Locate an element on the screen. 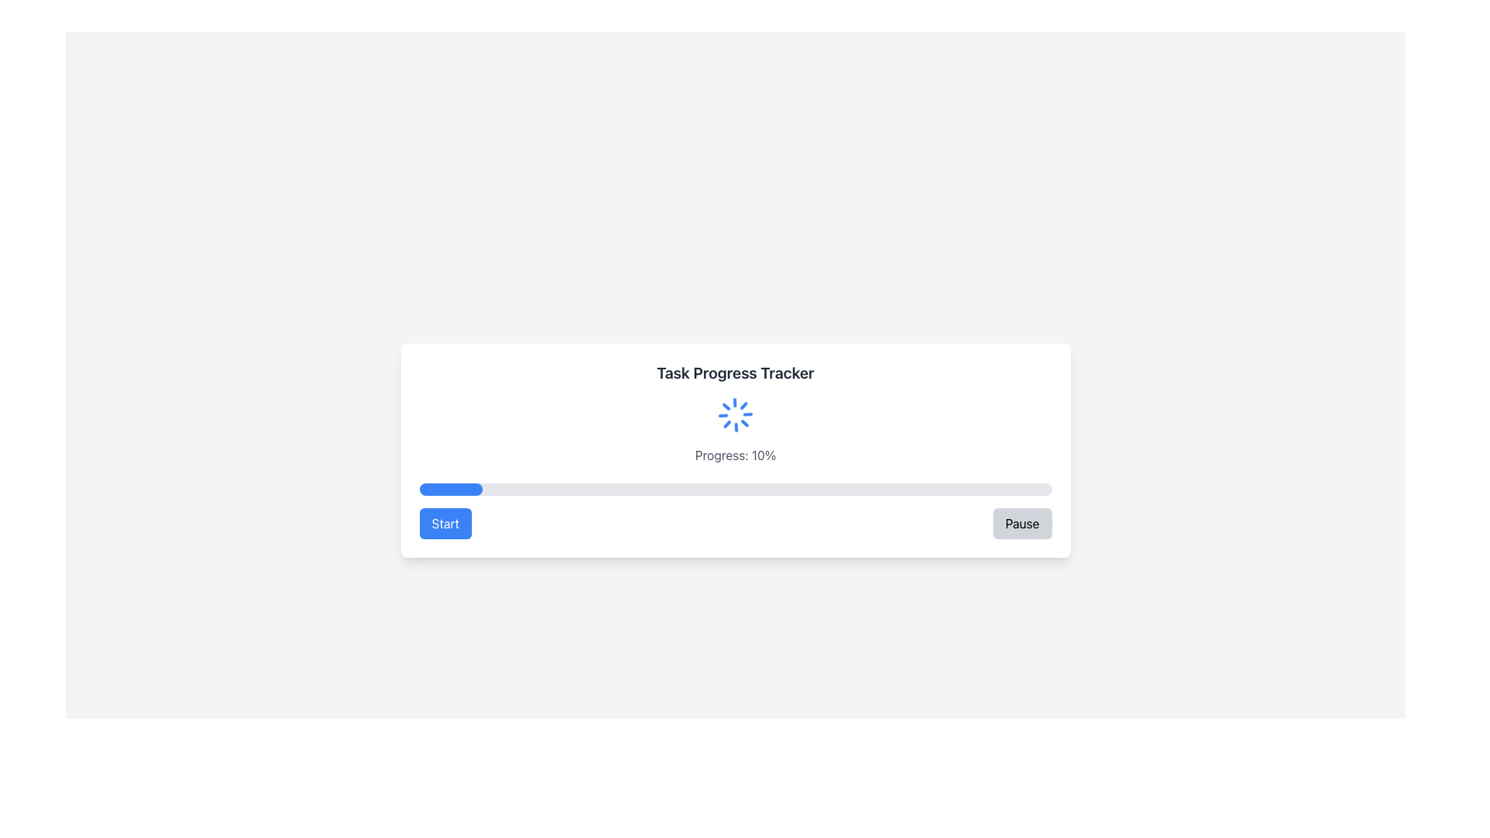 The width and height of the screenshot is (1490, 838). the circular blue loader spinner icon that is animated and located above the 'Progress: 10%' text and below the 'Task Progress Tracker' header is located at coordinates (735, 414).